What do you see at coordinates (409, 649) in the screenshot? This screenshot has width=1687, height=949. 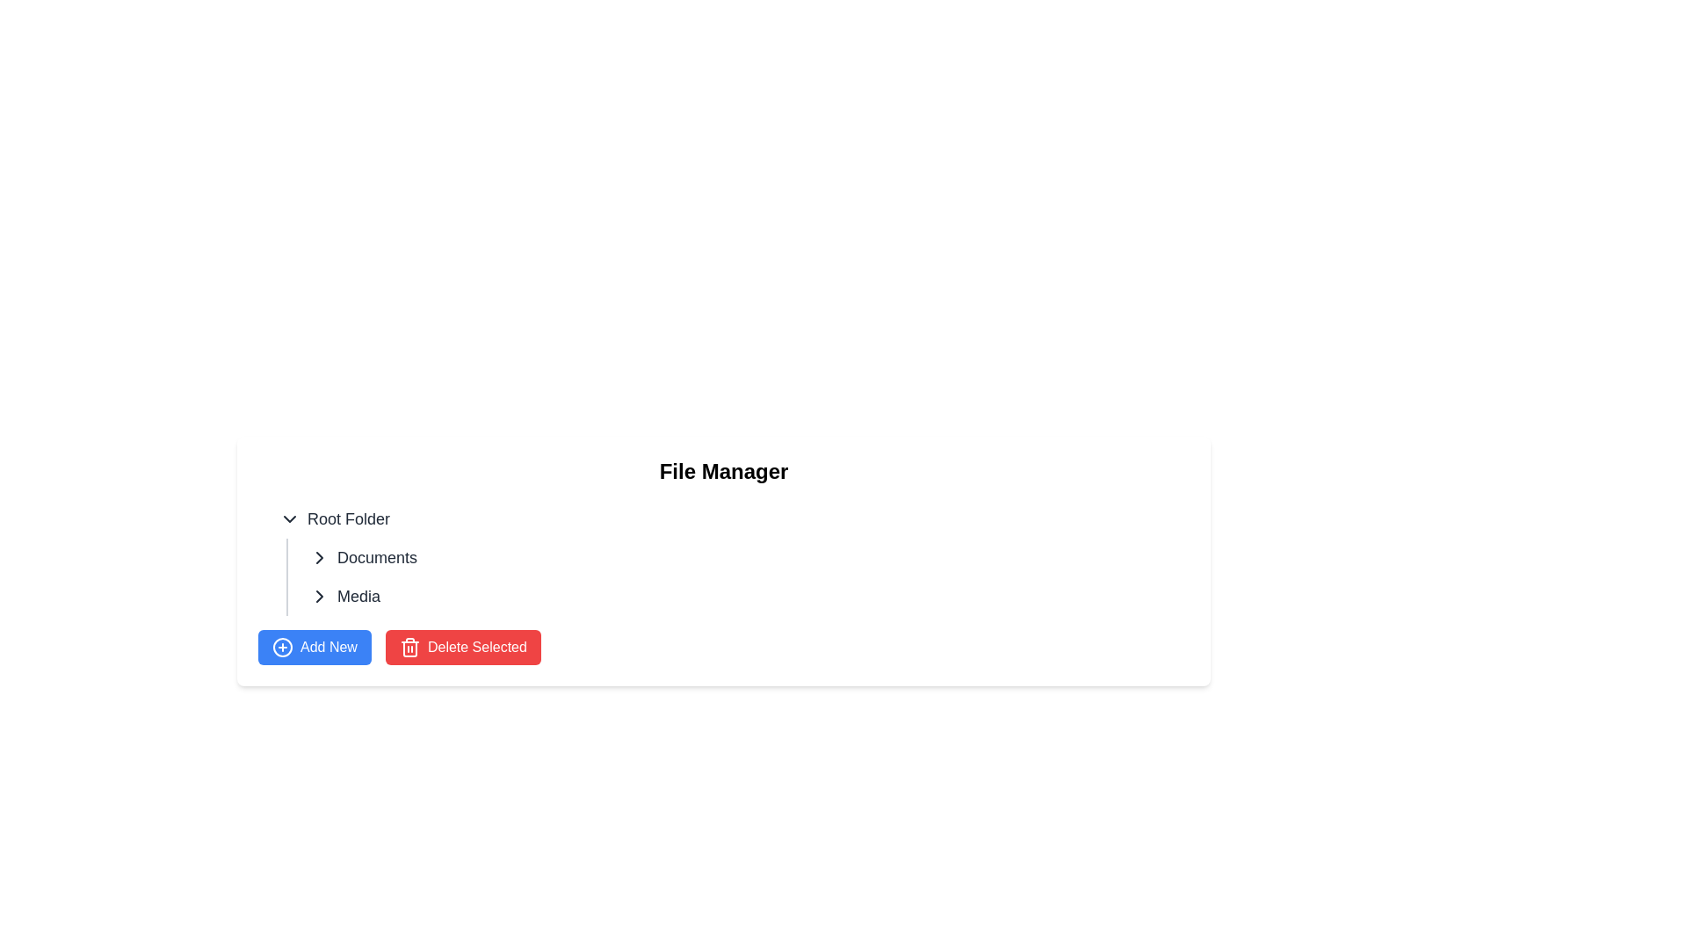 I see `the icon component located to the right of the blue 'Add New' button, which serves as part of the 'Delete Selected' button functionality` at bounding box center [409, 649].